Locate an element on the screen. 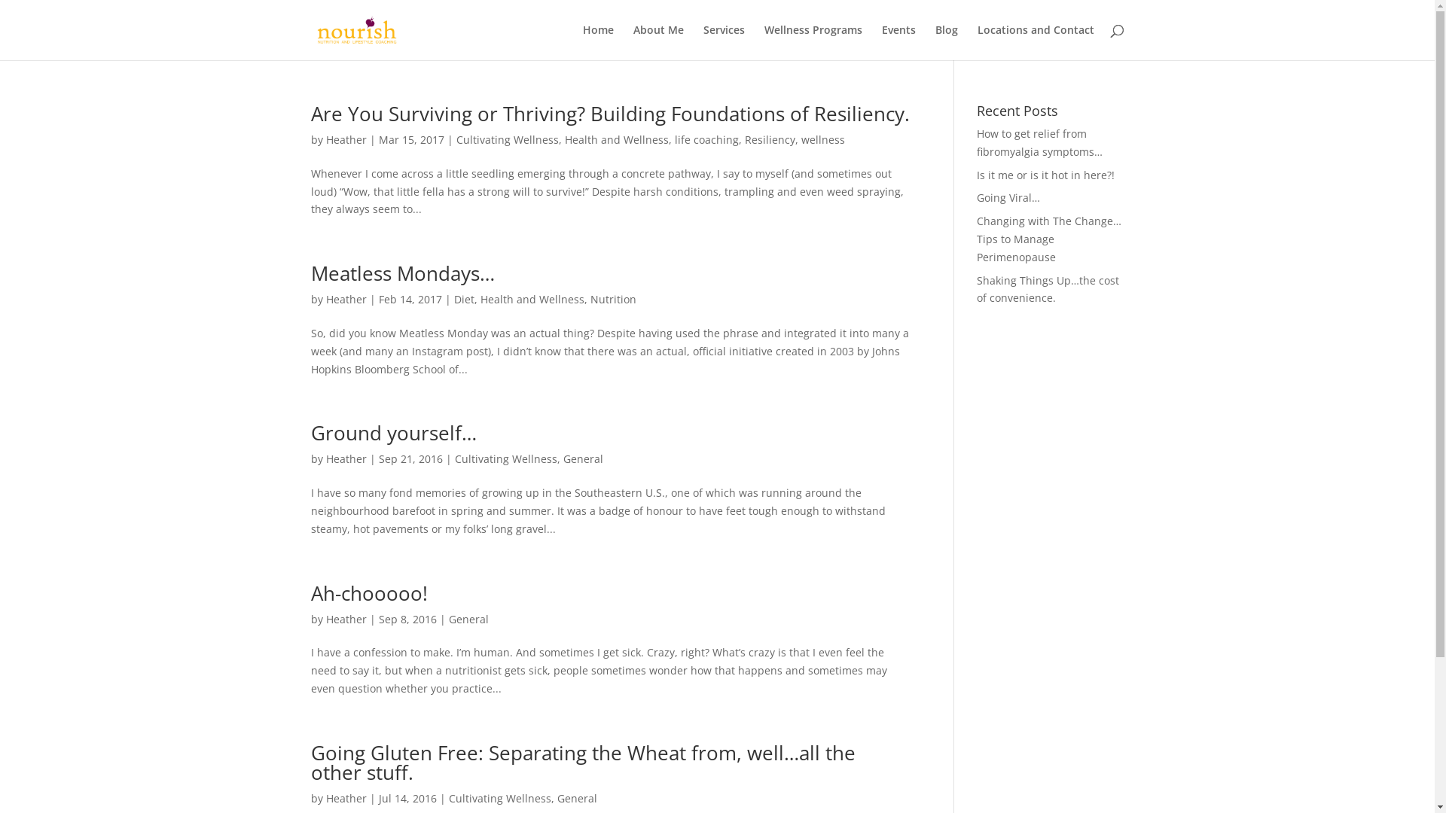  'Is it me or is it hot in here?!' is located at coordinates (1045, 174).